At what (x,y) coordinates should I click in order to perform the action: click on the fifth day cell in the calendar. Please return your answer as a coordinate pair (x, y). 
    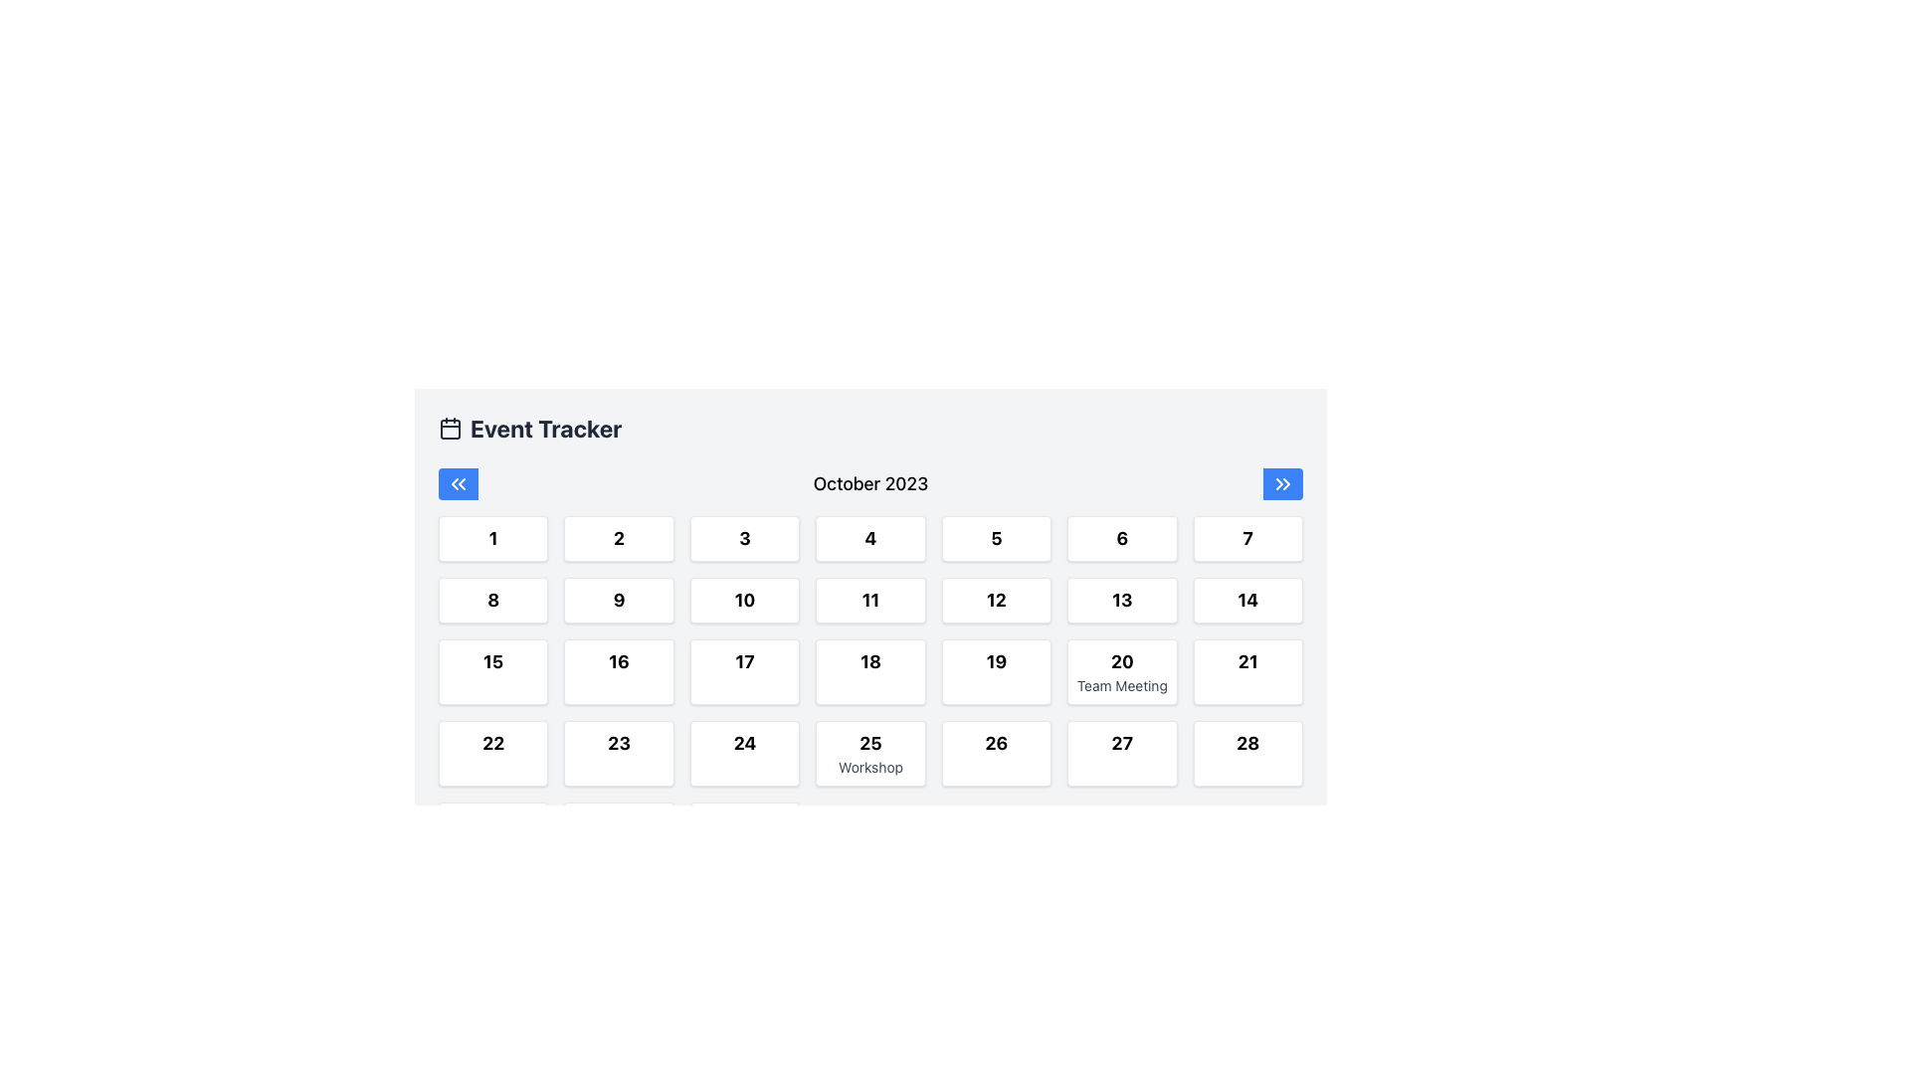
    Looking at the image, I should click on (996, 539).